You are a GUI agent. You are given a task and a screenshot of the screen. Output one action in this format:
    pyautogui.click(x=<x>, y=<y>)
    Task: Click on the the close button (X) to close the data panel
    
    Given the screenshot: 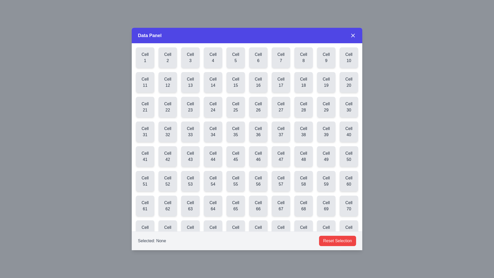 What is the action you would take?
    pyautogui.click(x=353, y=35)
    